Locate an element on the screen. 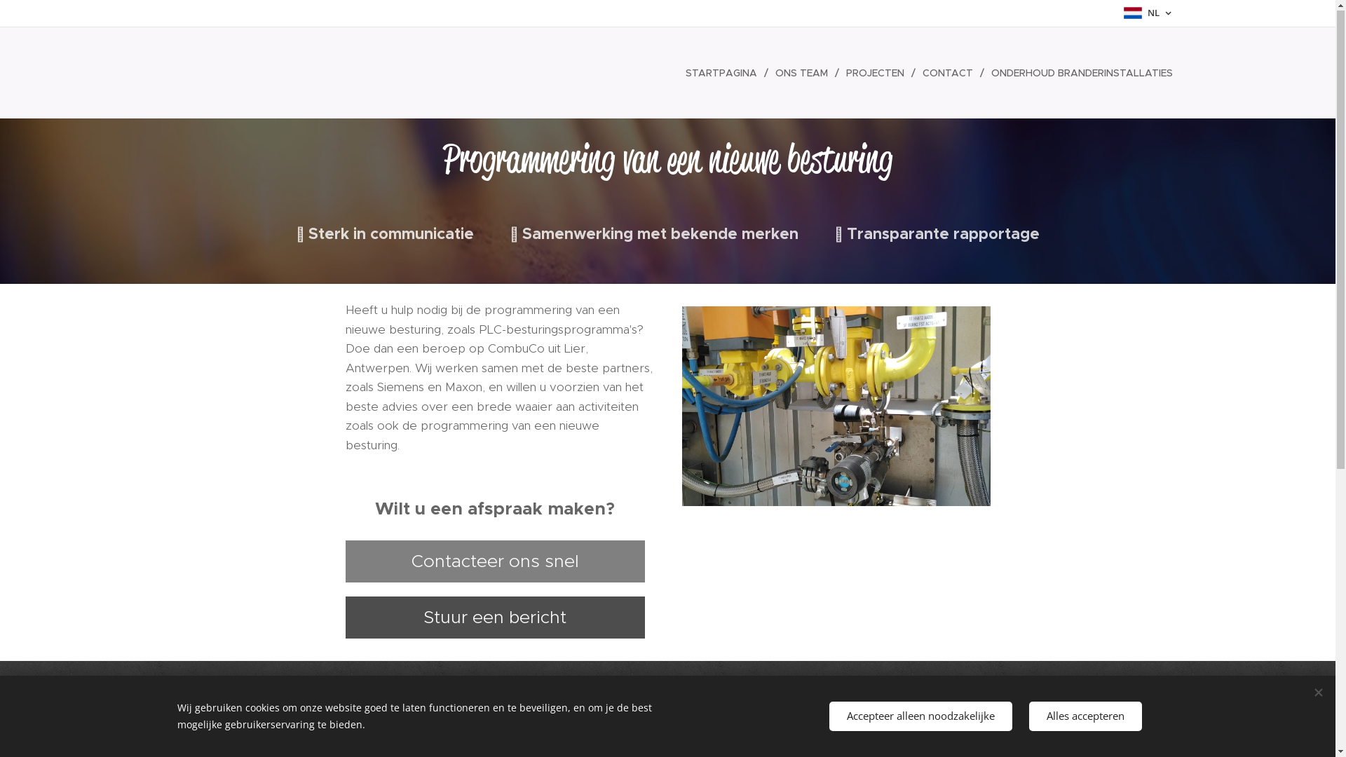 Image resolution: width=1346 pixels, height=757 pixels. 'Accepteer alleen noodzakelijke' is located at coordinates (920, 716).